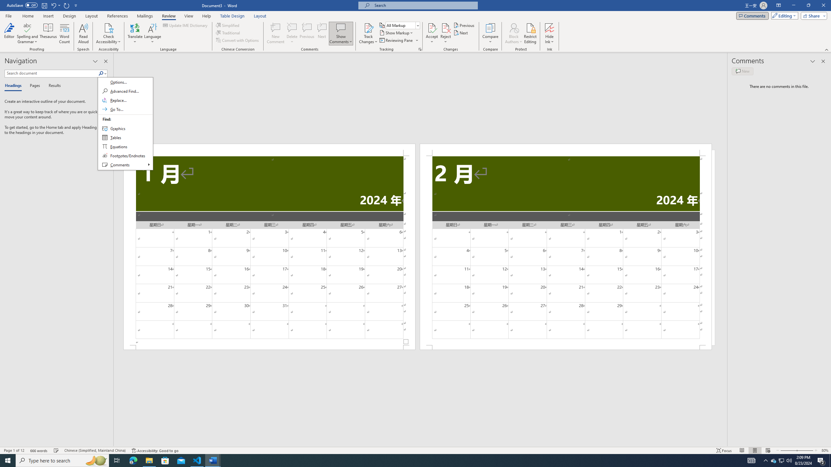 Image resolution: width=831 pixels, height=467 pixels. What do you see at coordinates (514, 27) in the screenshot?
I see `'Block Authors'` at bounding box center [514, 27].